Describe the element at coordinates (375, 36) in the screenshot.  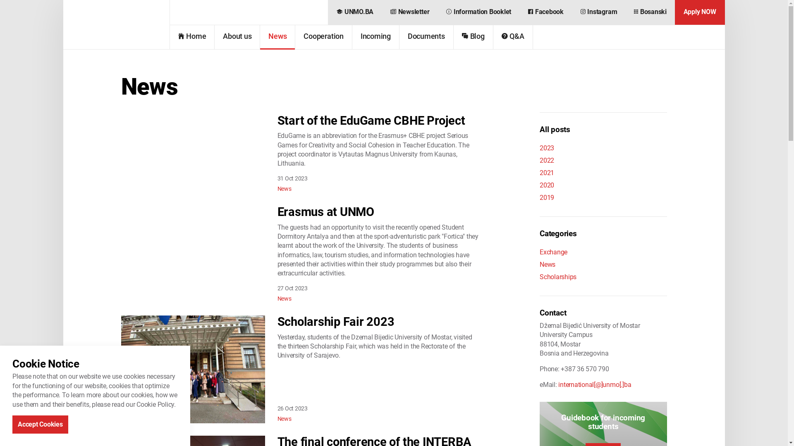
I see `'Incoming'` at that location.